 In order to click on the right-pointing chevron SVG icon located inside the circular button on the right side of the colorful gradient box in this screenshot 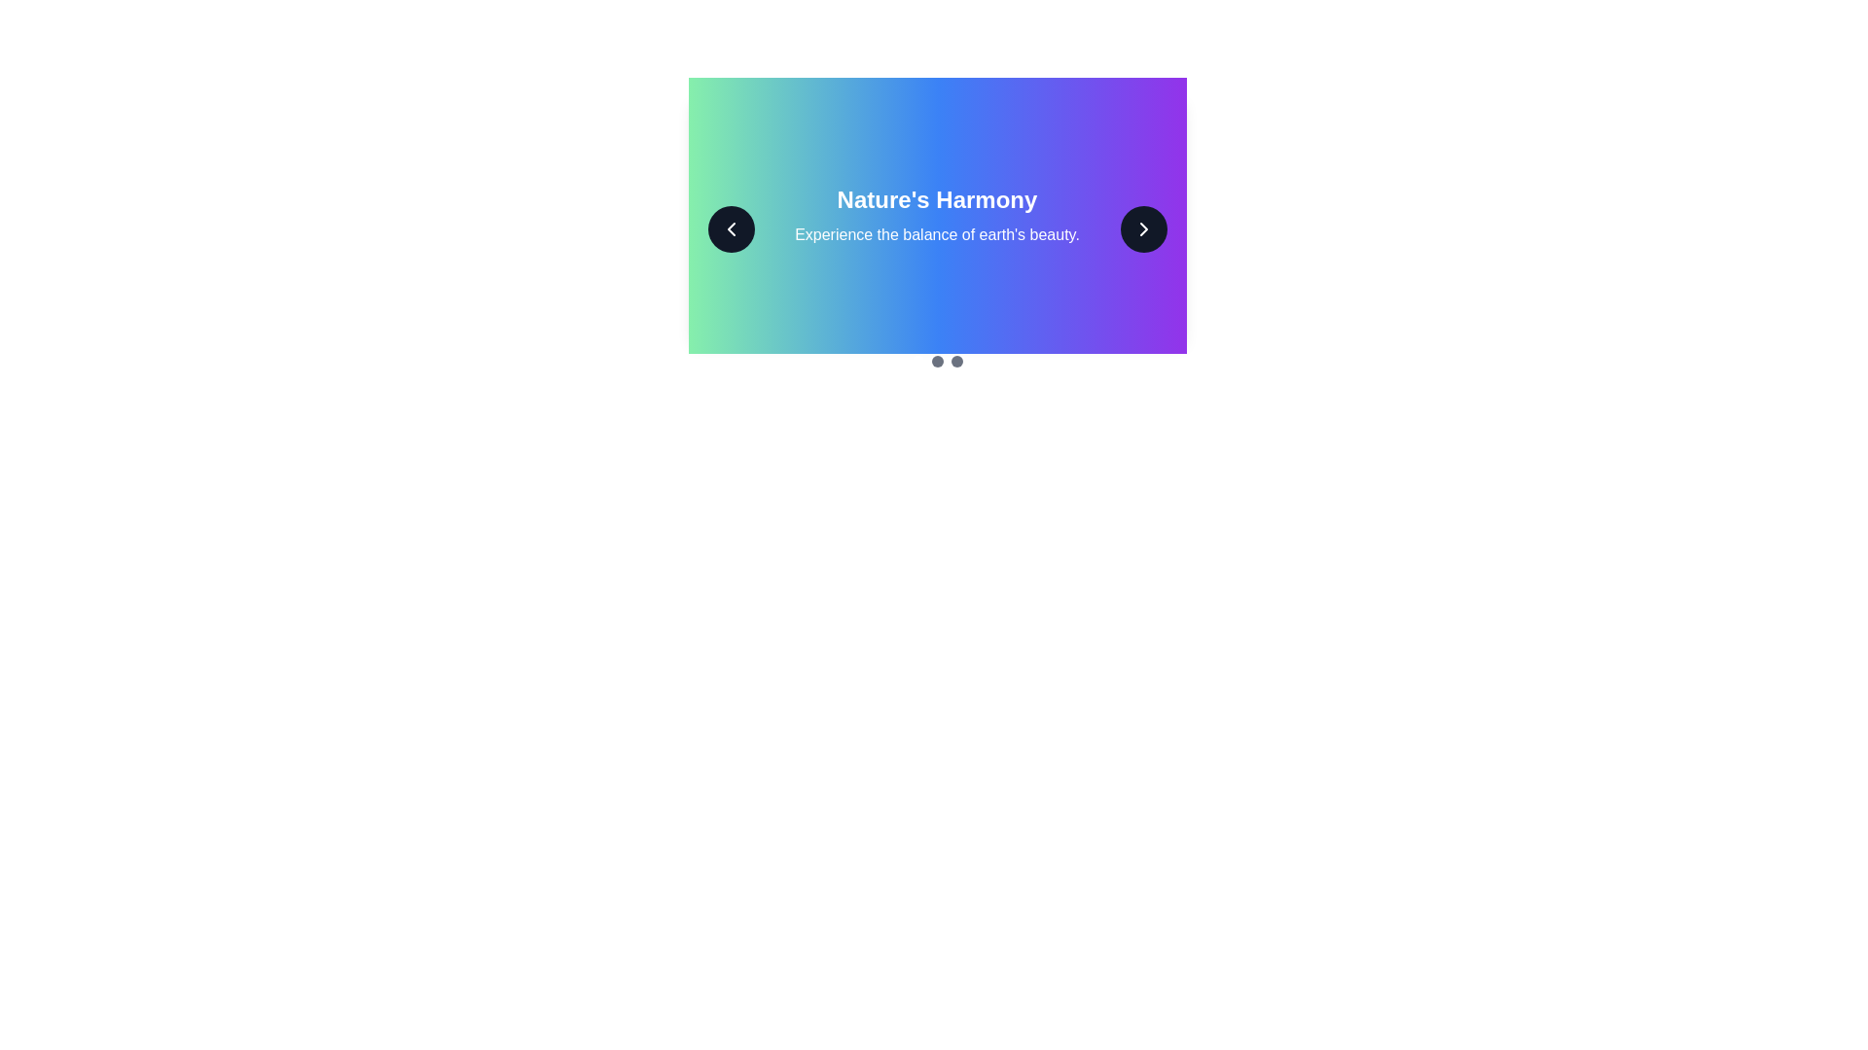, I will do `click(1143, 227)`.